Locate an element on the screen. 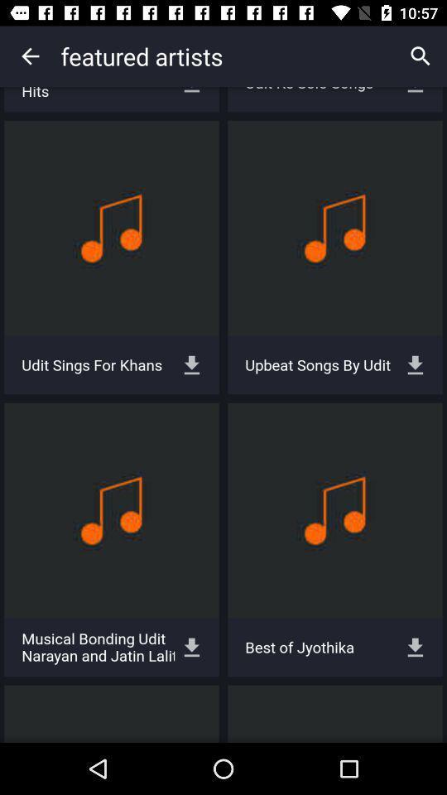  the icon which is above the text best of jyothika is located at coordinates (335, 509).